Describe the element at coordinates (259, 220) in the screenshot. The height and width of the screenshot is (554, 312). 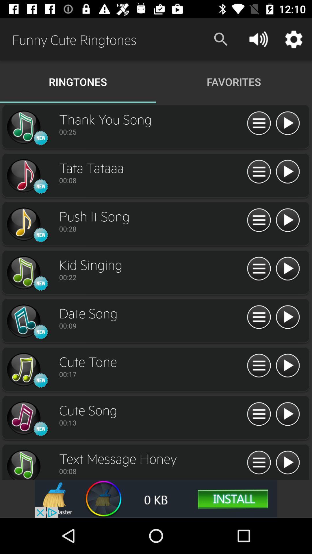
I see `opens description` at that location.